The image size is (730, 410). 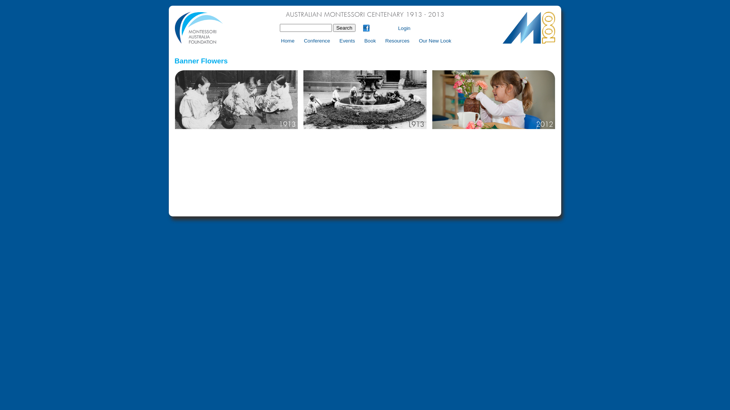 What do you see at coordinates (316, 41) in the screenshot?
I see `'Conference'` at bounding box center [316, 41].